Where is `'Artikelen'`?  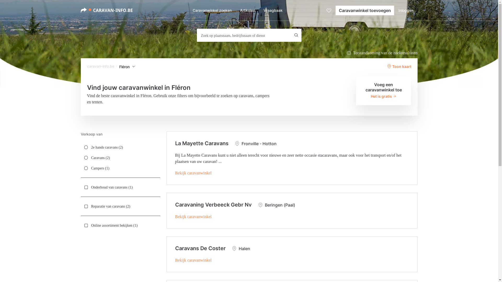 'Artikelen' is located at coordinates (247, 10).